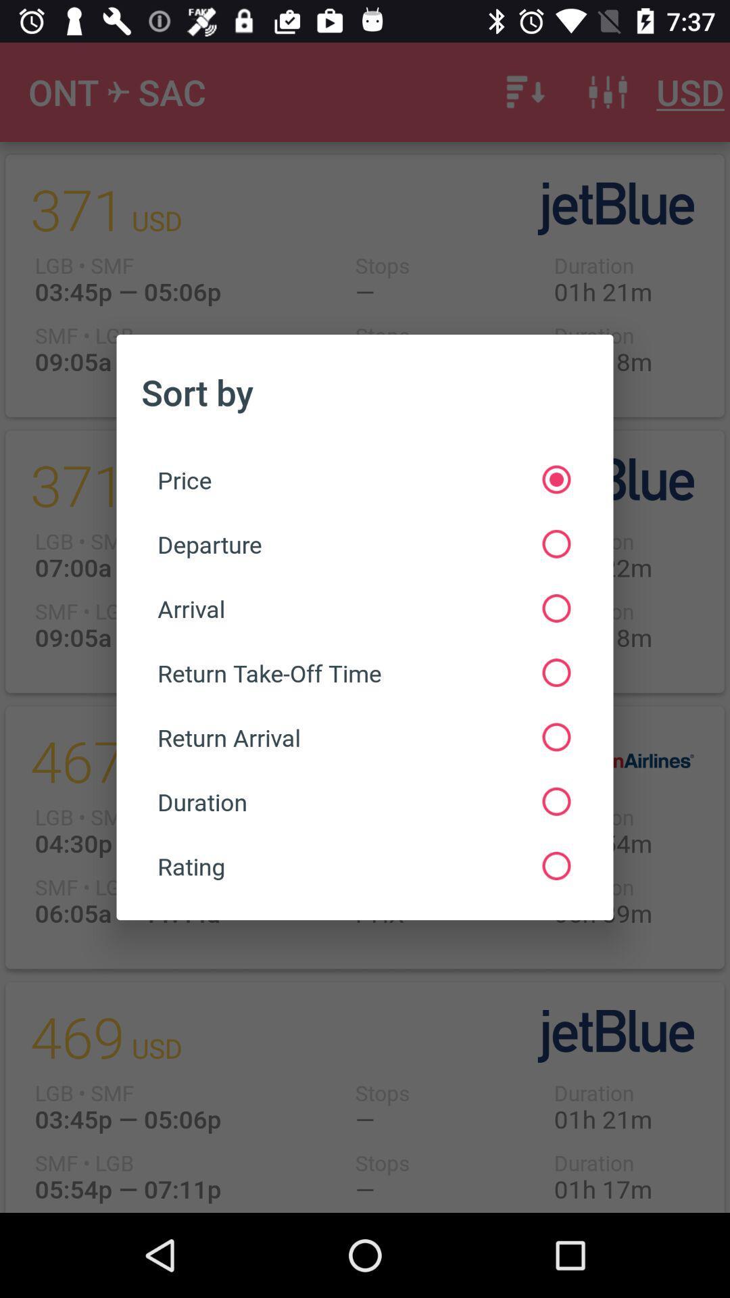 This screenshot has height=1298, width=730. What do you see at coordinates (363, 736) in the screenshot?
I see `the item above duration` at bounding box center [363, 736].